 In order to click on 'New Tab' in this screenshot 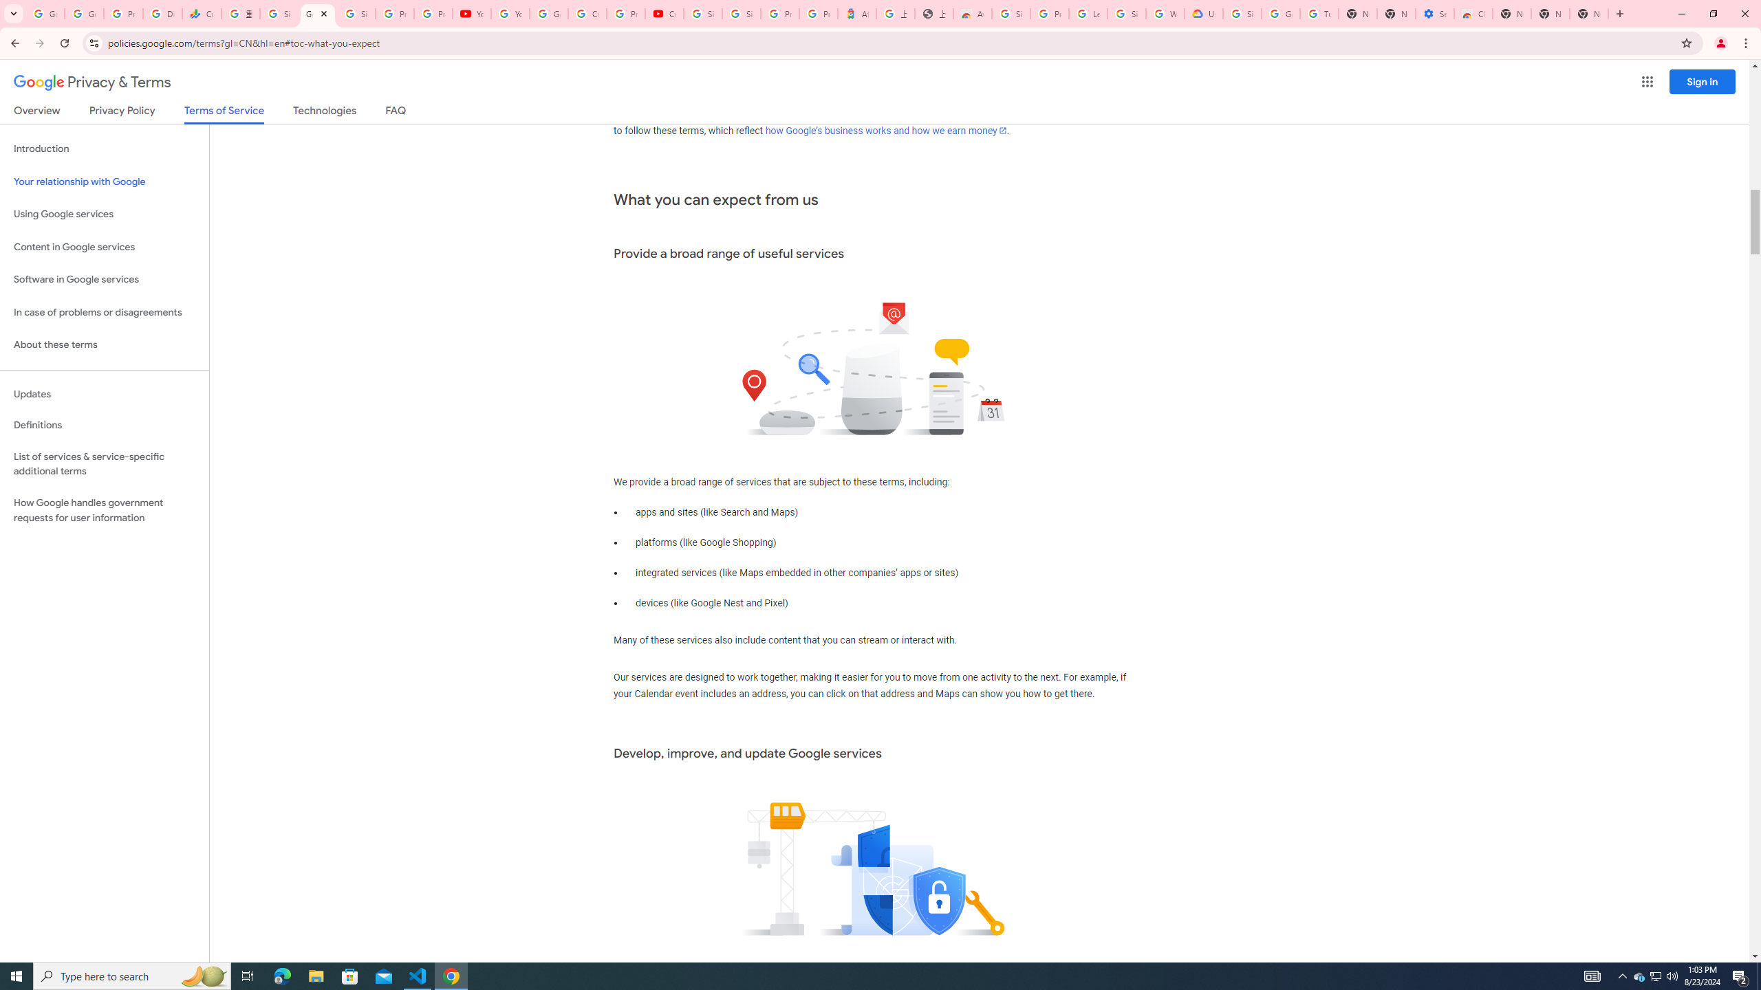, I will do `click(1511, 13)`.